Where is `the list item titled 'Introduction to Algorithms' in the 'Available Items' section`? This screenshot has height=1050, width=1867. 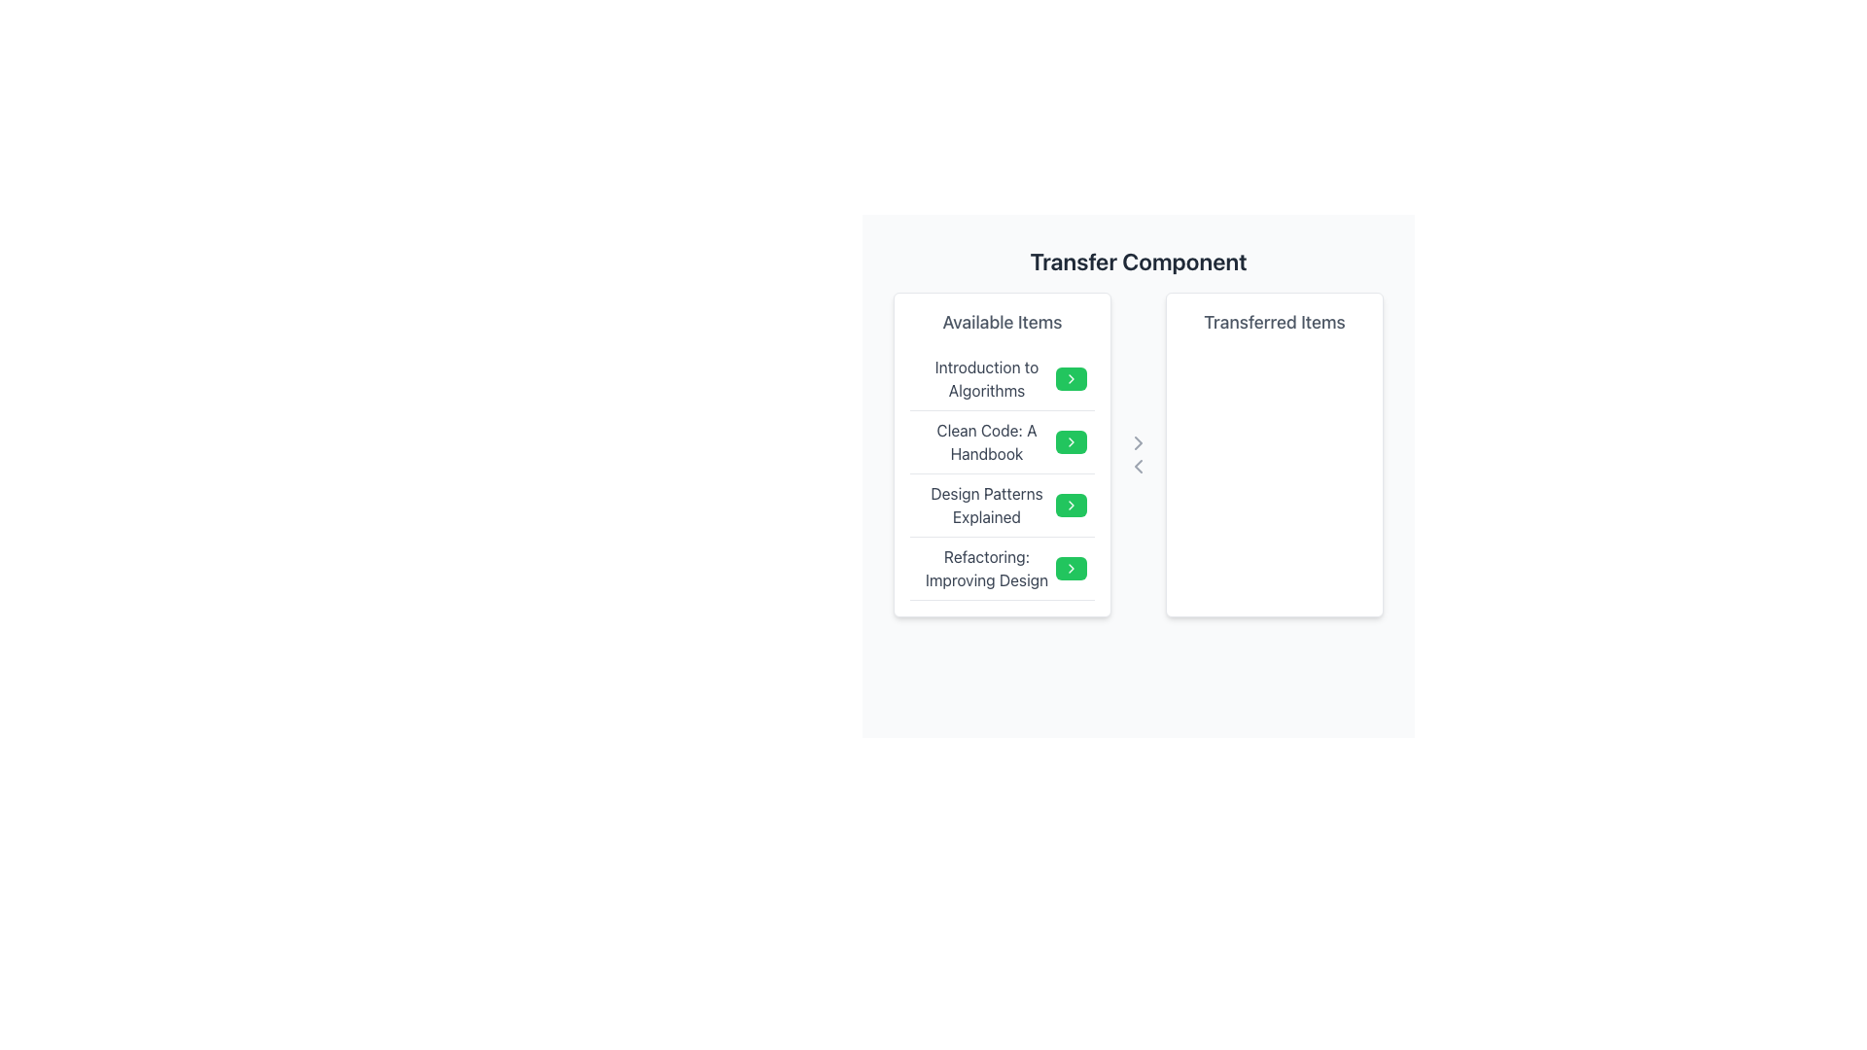 the list item titled 'Introduction to Algorithms' in the 'Available Items' section is located at coordinates (1003, 378).